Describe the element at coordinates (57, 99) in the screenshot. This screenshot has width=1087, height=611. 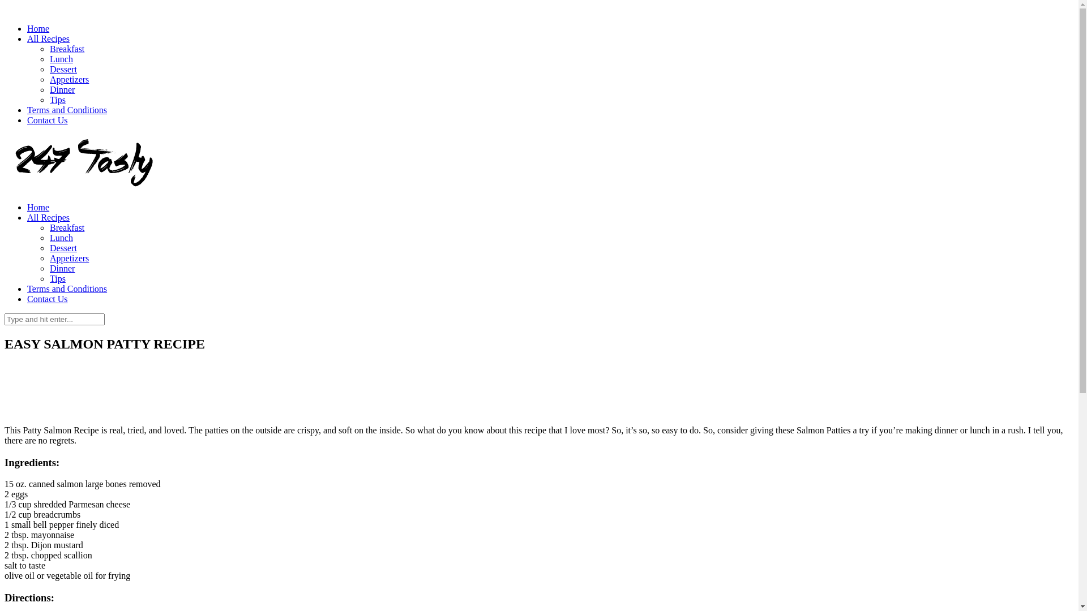
I see `'Tips'` at that location.